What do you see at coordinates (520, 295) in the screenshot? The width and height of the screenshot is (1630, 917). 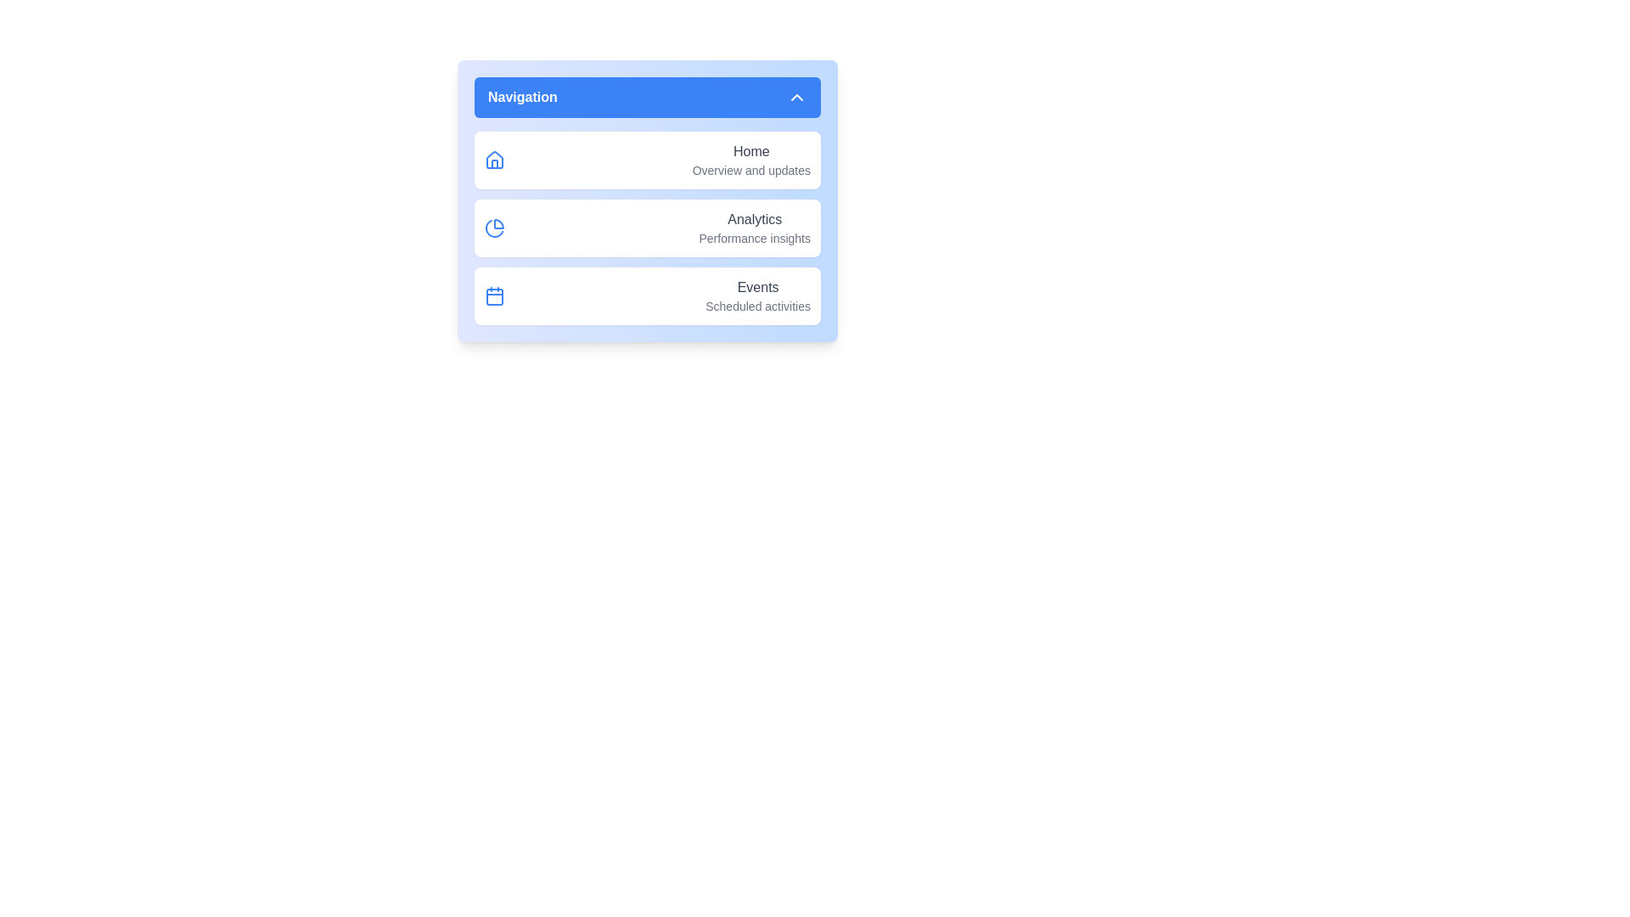 I see `the menu item corresponding to Events` at bounding box center [520, 295].